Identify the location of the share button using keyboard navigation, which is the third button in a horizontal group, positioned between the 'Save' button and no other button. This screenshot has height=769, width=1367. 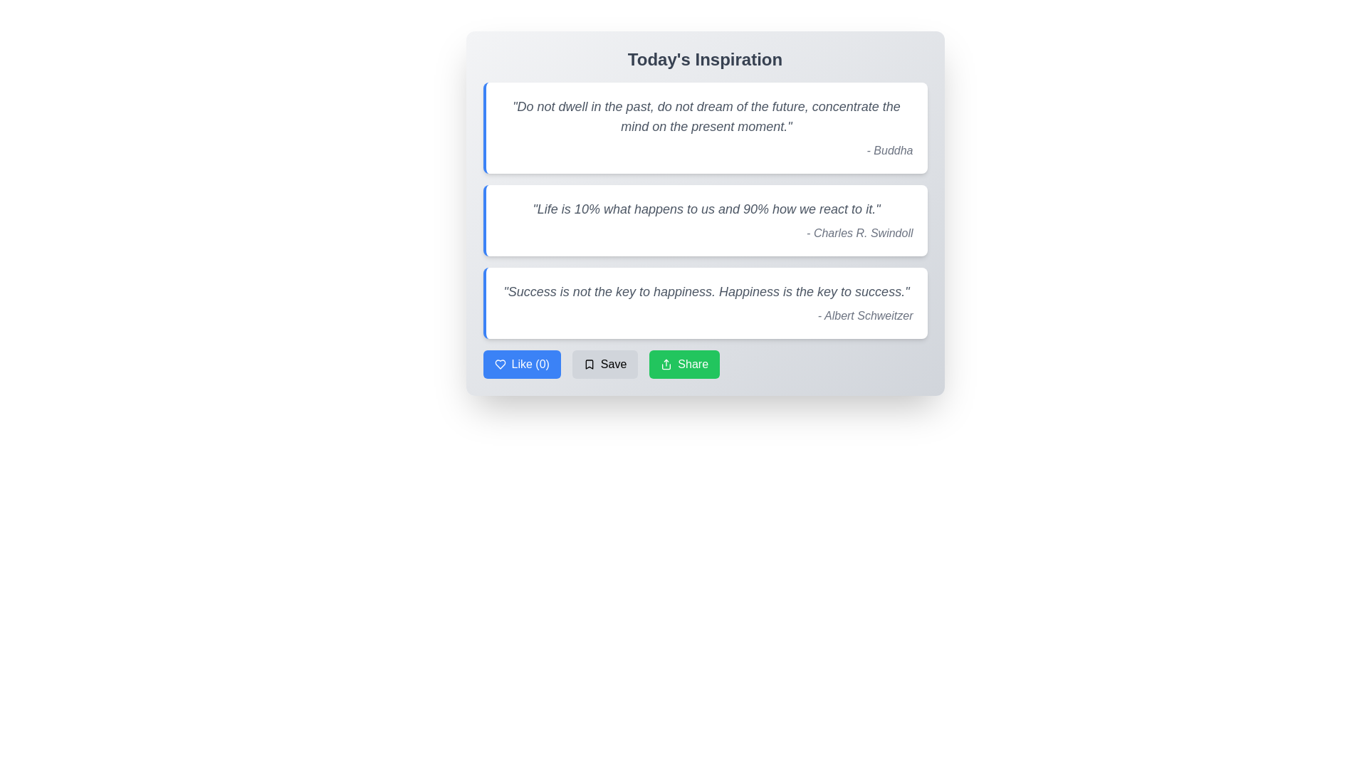
(684, 364).